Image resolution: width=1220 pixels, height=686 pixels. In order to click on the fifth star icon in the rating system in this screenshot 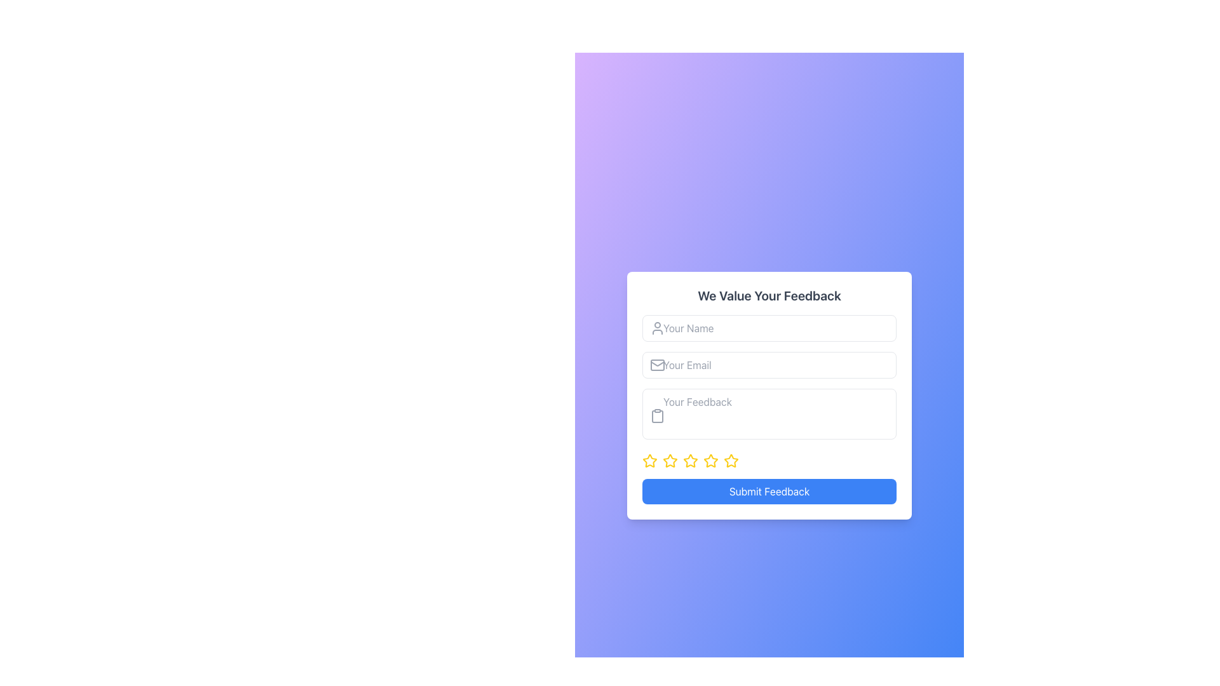, I will do `click(689, 461)`.